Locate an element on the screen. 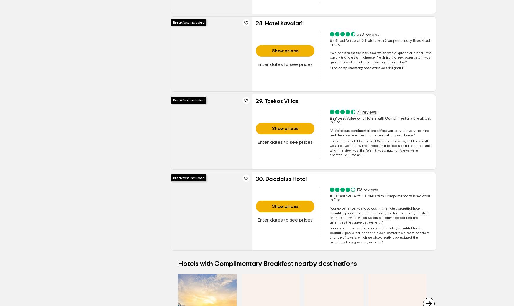  'We had' is located at coordinates (337, 53).